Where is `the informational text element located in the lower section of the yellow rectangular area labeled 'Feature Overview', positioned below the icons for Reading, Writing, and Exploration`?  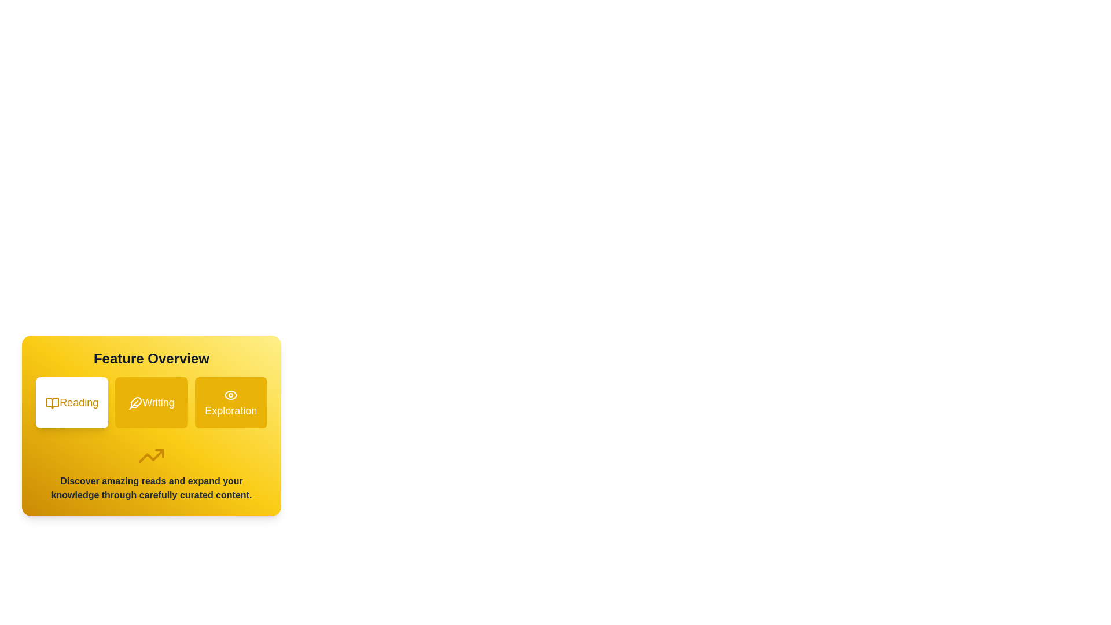
the informational text element located in the lower section of the yellow rectangular area labeled 'Feature Overview', positioned below the icons for Reading, Writing, and Exploration is located at coordinates (151, 488).